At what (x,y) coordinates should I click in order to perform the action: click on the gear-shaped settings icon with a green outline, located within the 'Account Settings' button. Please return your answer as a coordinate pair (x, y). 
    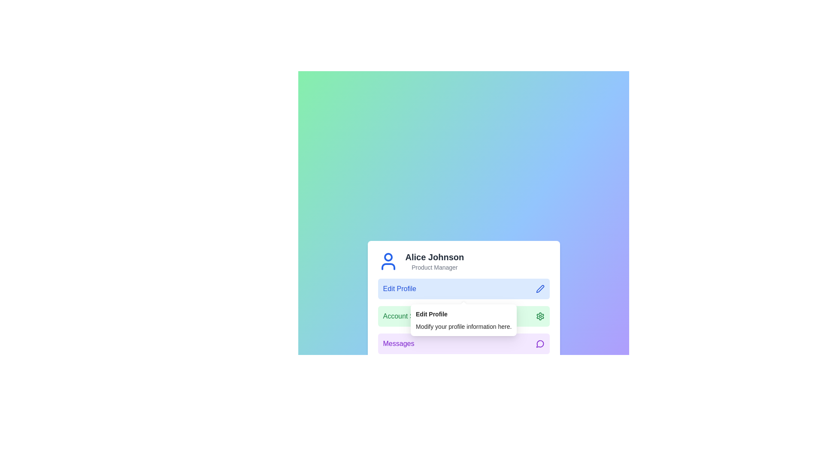
    Looking at the image, I should click on (539, 316).